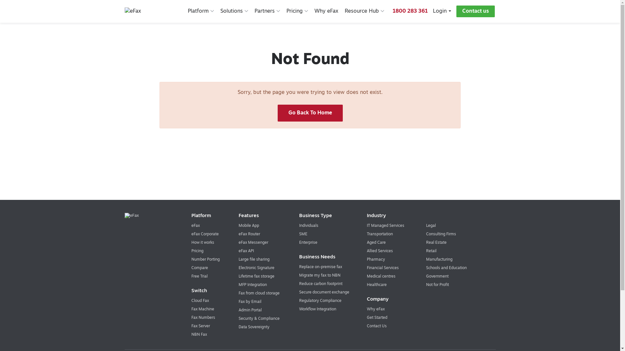 This screenshot has height=351, width=625. Describe the element at coordinates (308, 225) in the screenshot. I see `'Individuals'` at that location.